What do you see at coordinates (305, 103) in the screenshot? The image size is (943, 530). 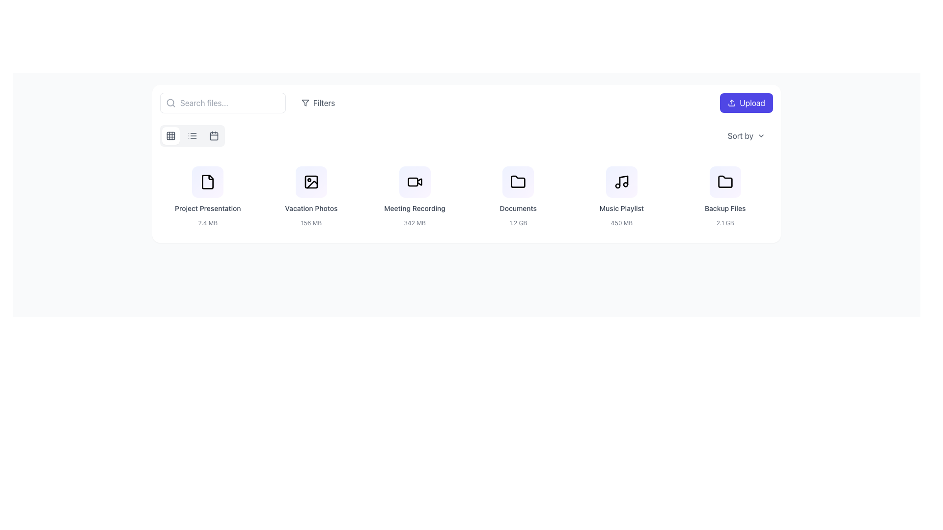 I see `the filtering icon located in the header section next to the 'Filters' label` at bounding box center [305, 103].